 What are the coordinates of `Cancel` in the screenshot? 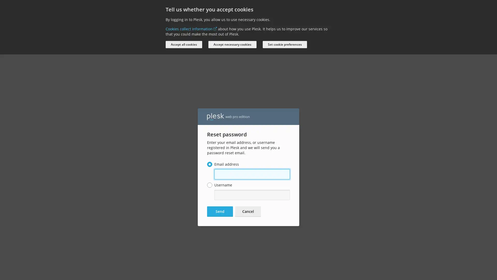 It's located at (248, 212).